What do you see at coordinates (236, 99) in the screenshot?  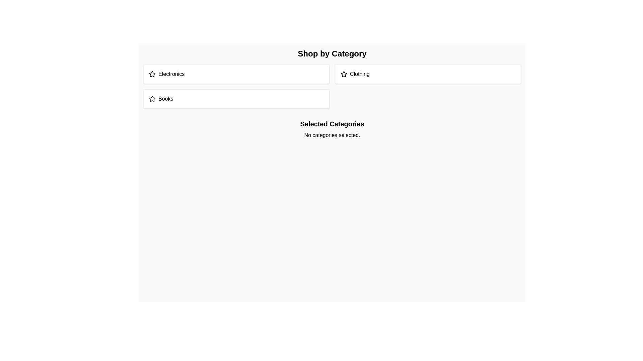 I see `the 'Books' selection button located under the 'Shop by Category' section` at bounding box center [236, 99].